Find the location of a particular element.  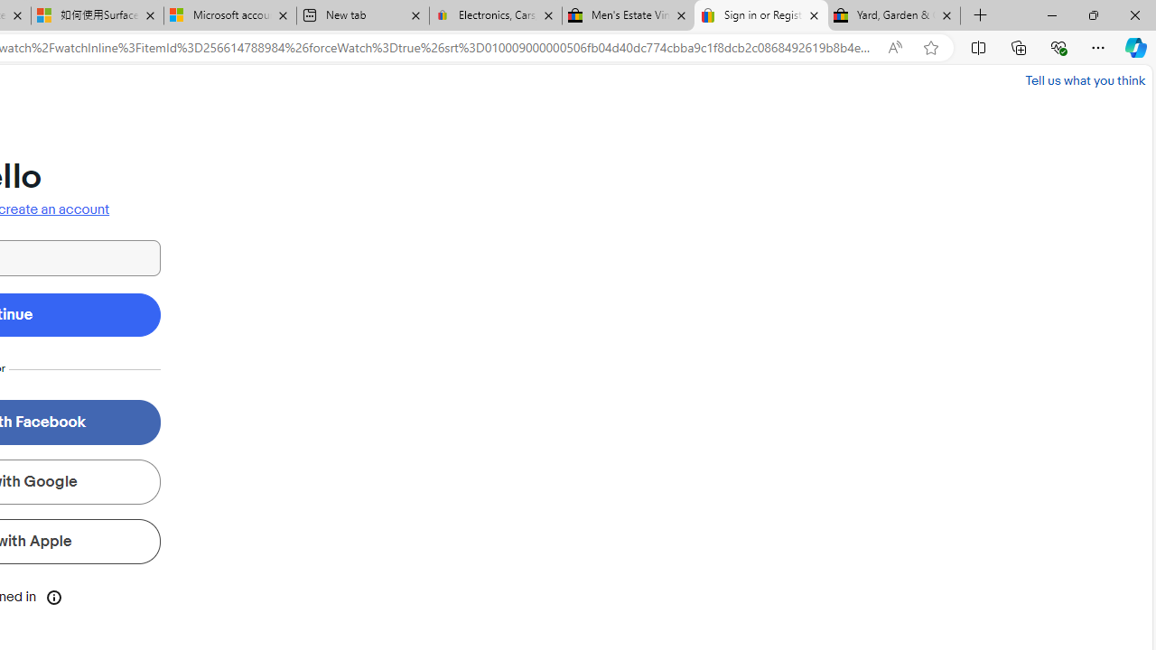

'Class: icon-btn tooltip__host icon-btn--transparent' is located at coordinates (54, 596).